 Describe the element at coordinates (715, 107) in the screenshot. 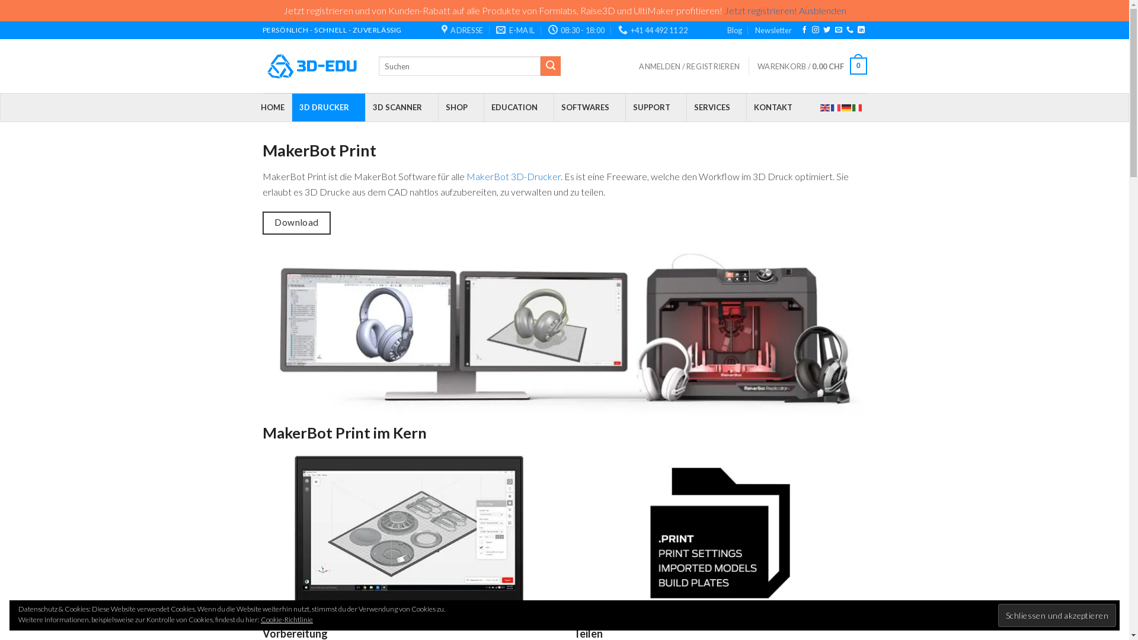

I see `'SERVICES'` at that location.